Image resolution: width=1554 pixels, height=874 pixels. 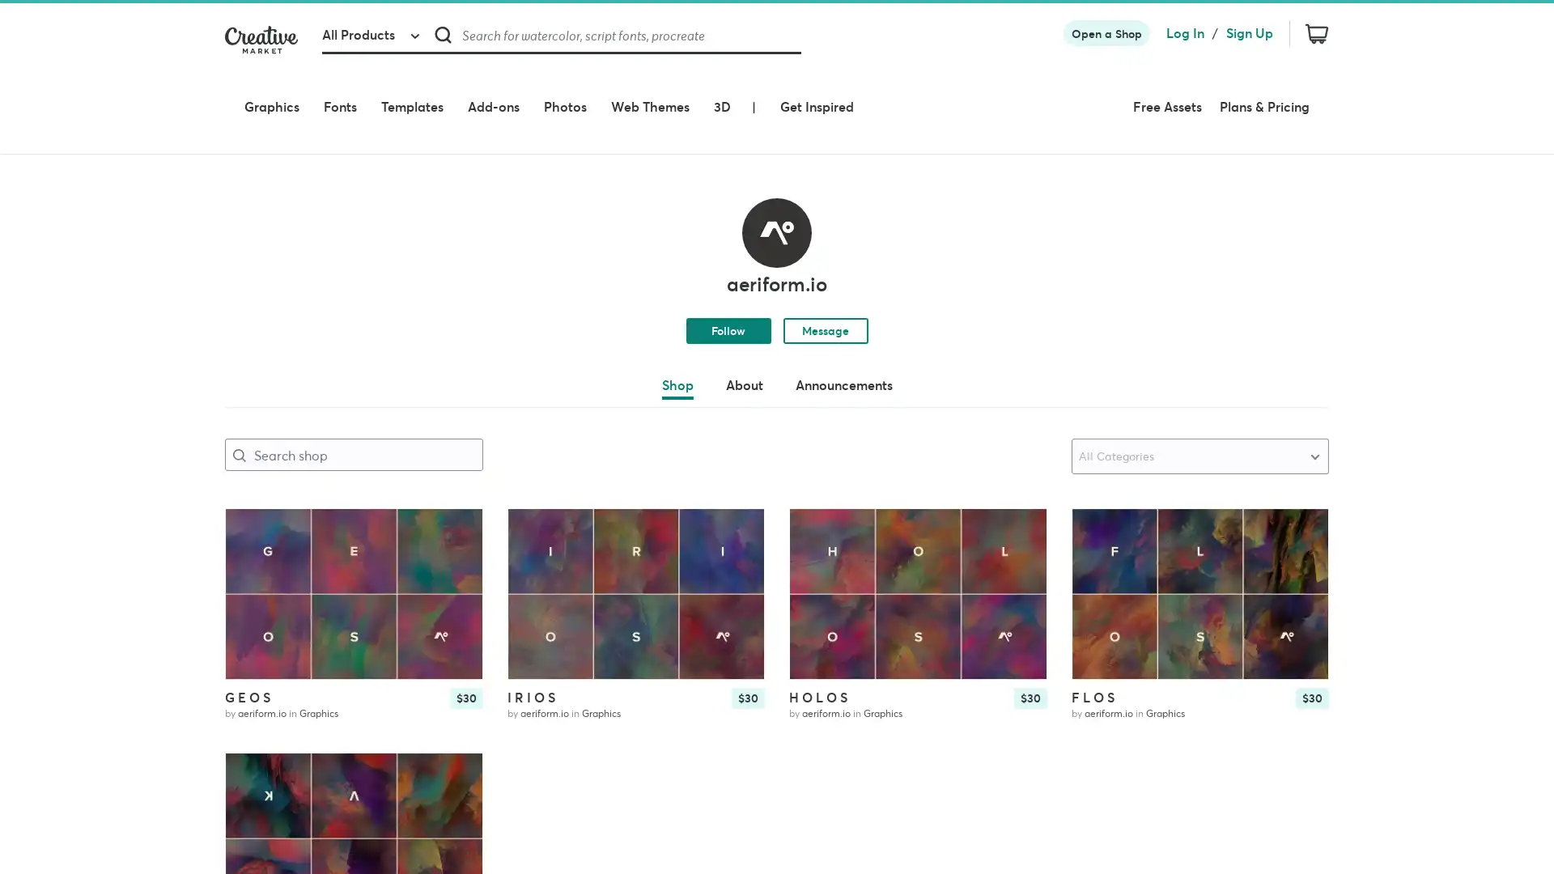 What do you see at coordinates (1019, 474) in the screenshot?
I see `Like` at bounding box center [1019, 474].